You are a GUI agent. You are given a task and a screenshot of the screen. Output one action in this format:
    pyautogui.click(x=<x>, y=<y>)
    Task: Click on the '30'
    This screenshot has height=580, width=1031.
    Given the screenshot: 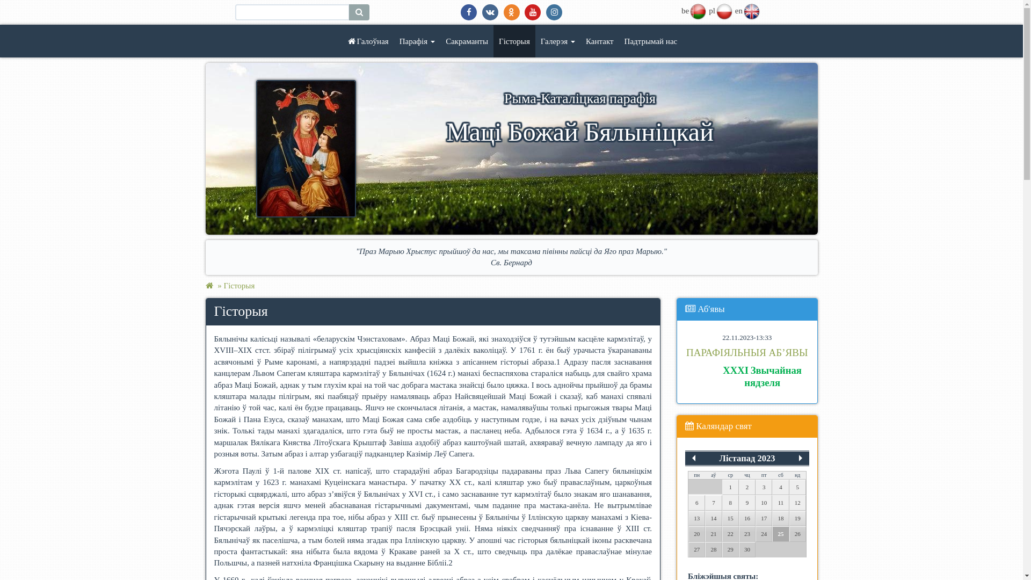 What is the action you would take?
    pyautogui.click(x=746, y=549)
    